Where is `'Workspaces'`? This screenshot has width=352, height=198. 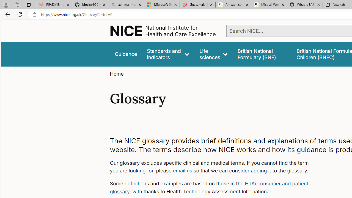
'Workspaces' is located at coordinates (17, 4).